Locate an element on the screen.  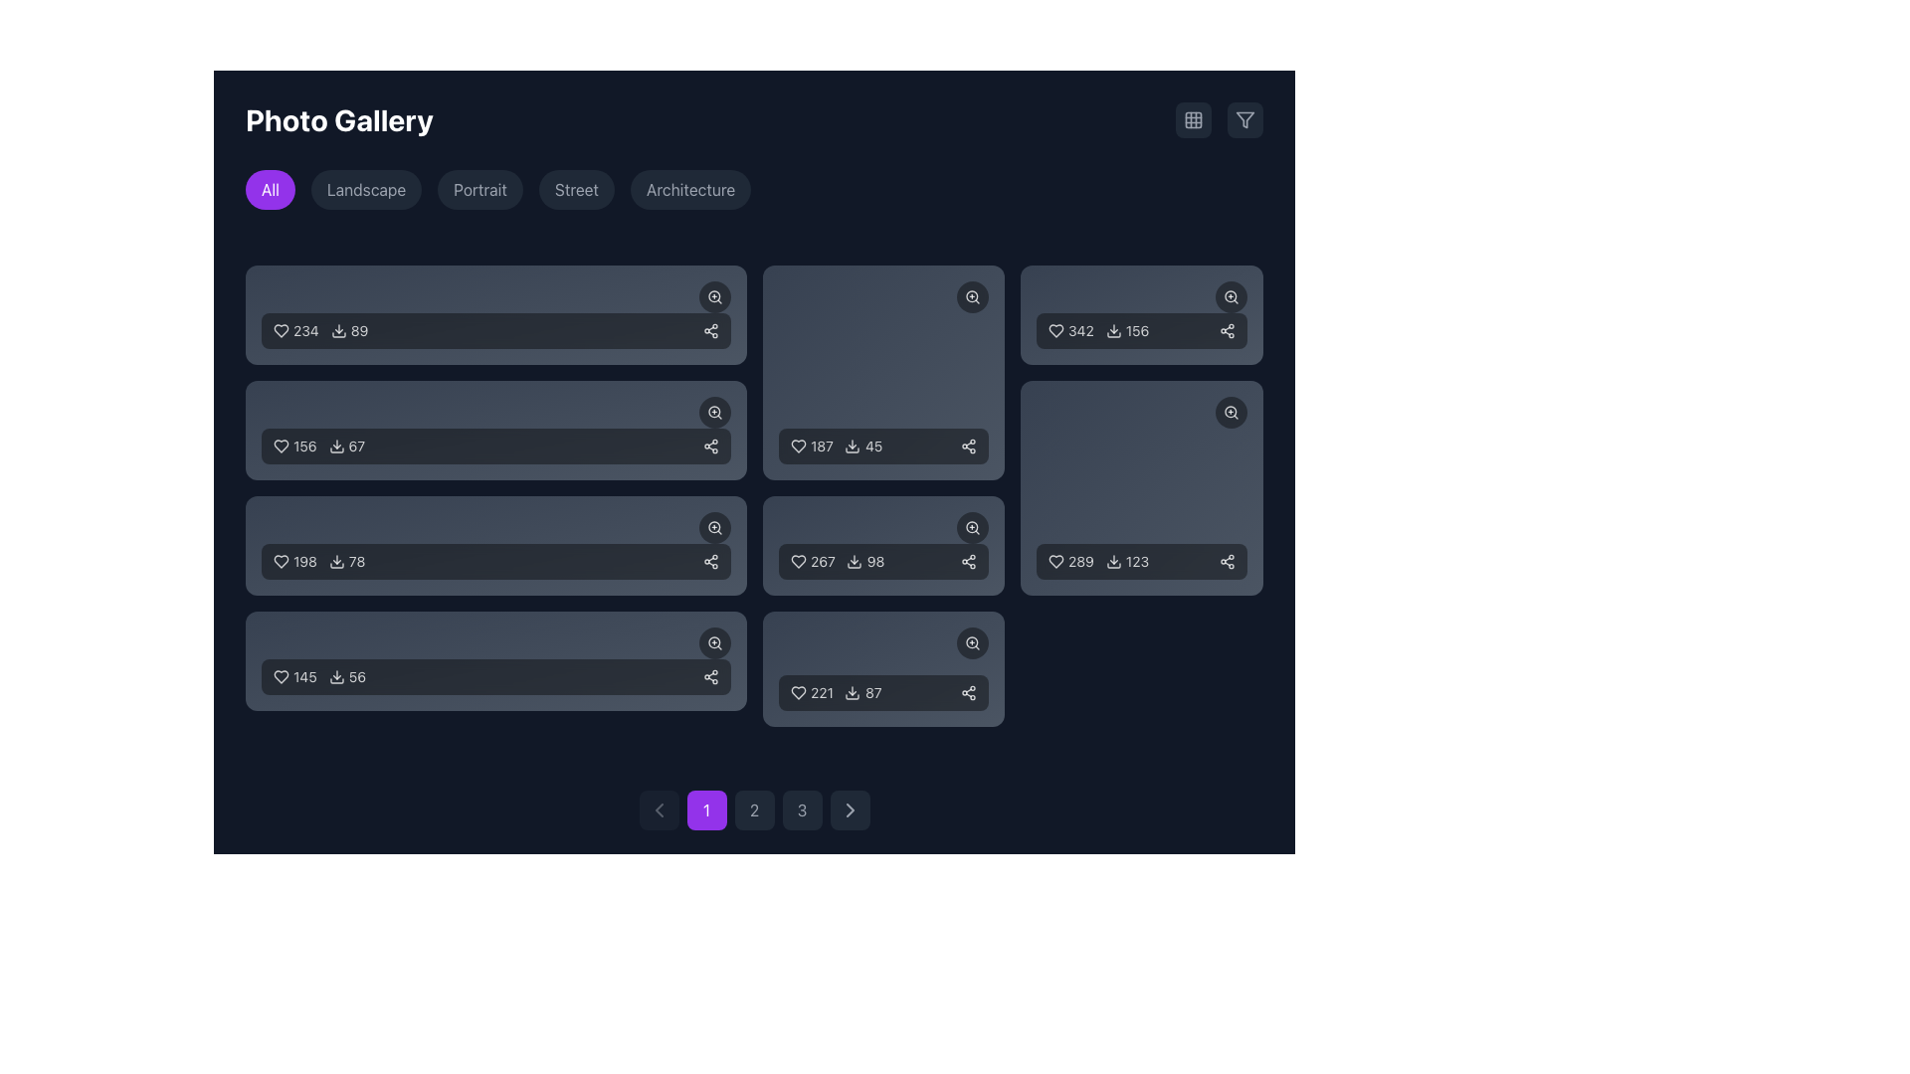
the heart-shaped interactive icon located to the left of the text '187' to like or favorite the associated item is located at coordinates (798, 445).